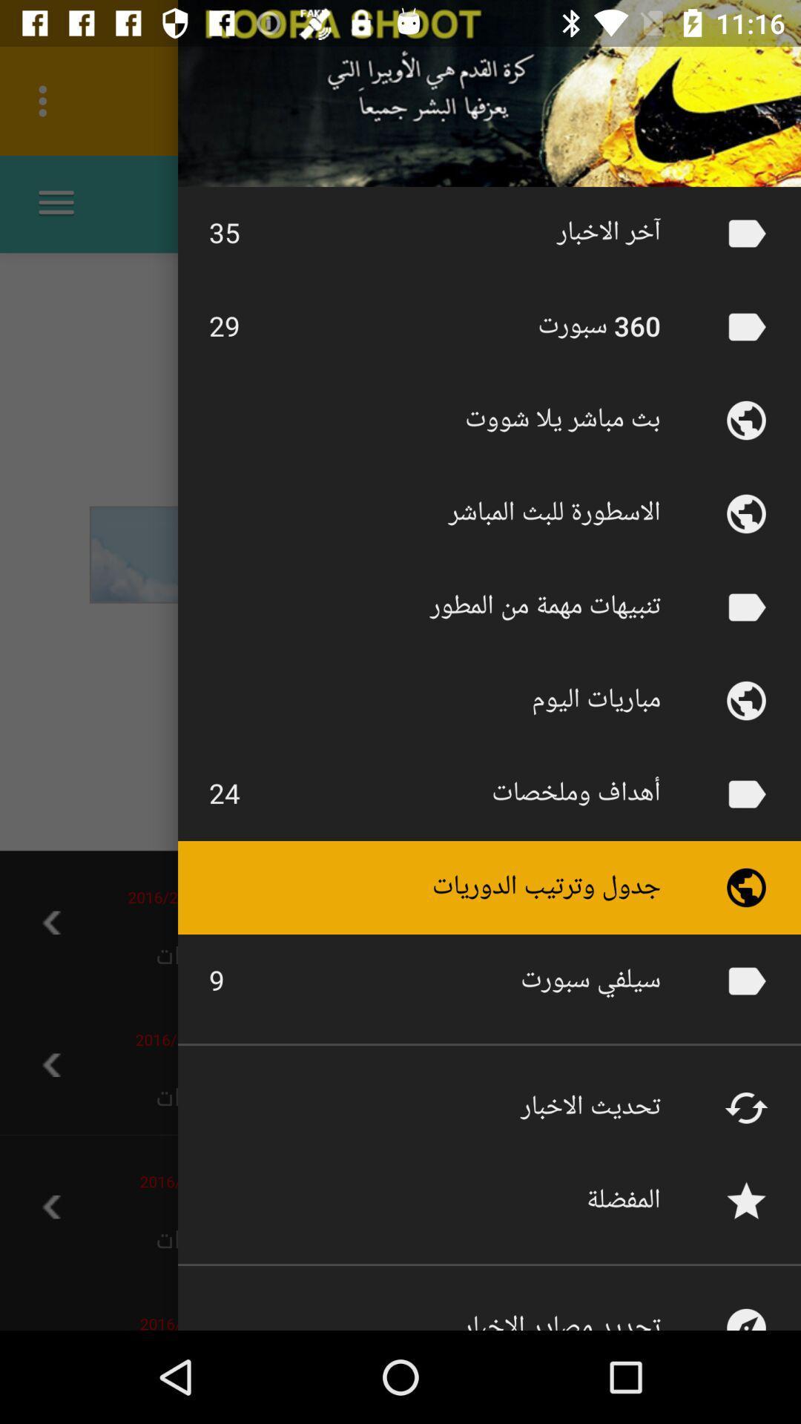  Describe the element at coordinates (746, 1306) in the screenshot. I see `the last image` at that location.